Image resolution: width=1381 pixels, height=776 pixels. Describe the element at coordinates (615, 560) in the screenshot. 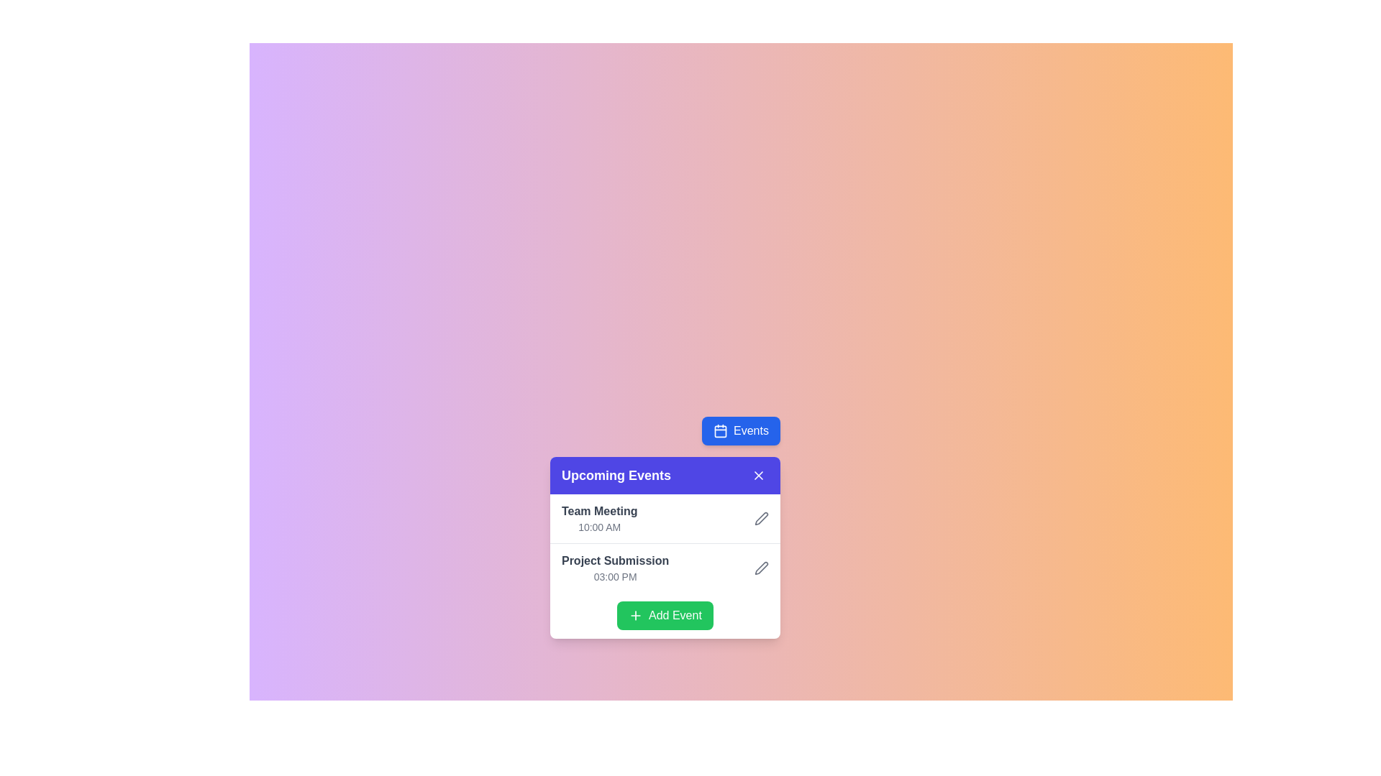

I see `the text label displaying 'Project Submission', which is styled in bold medium gray and is positioned above the smaller lighter gray text '03:00 PM' within the 'Upcoming Events' card` at that location.